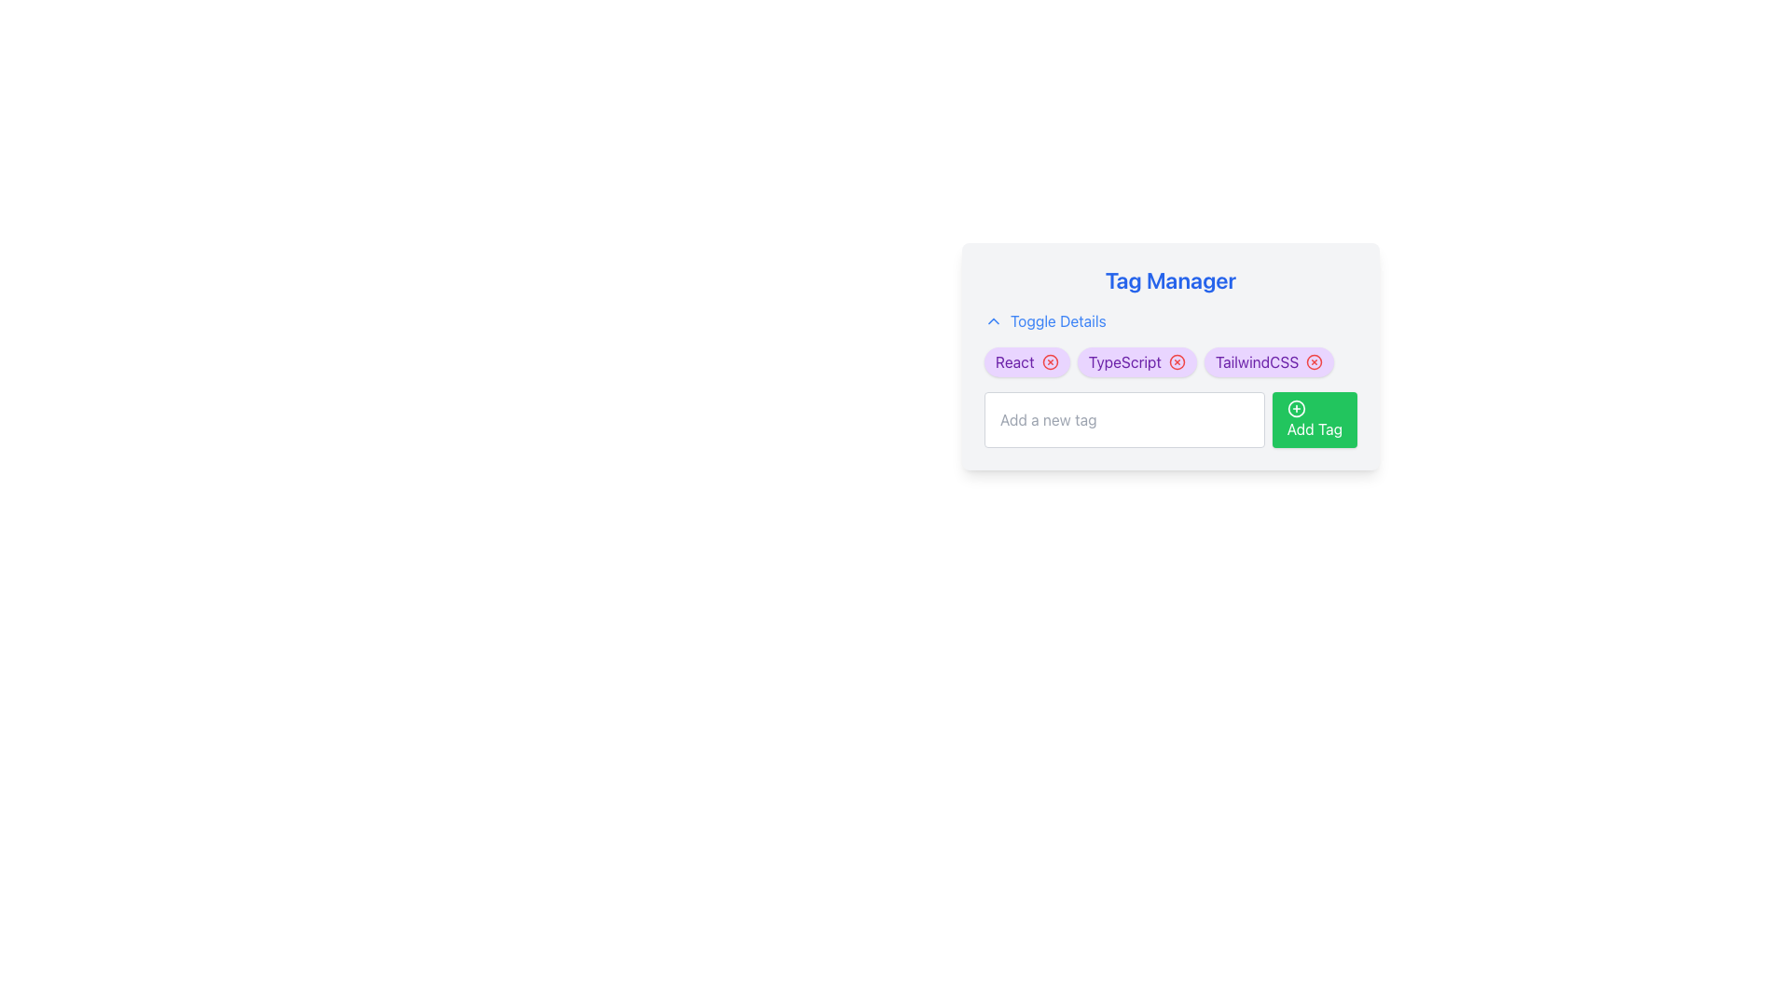 The height and width of the screenshot is (1006, 1790). What do you see at coordinates (1257, 362) in the screenshot?
I see `text of the Text Label that identifies the third tag in the Tag Manager interface, located horizontally between the 'React' and 'TypeScript' tags` at bounding box center [1257, 362].